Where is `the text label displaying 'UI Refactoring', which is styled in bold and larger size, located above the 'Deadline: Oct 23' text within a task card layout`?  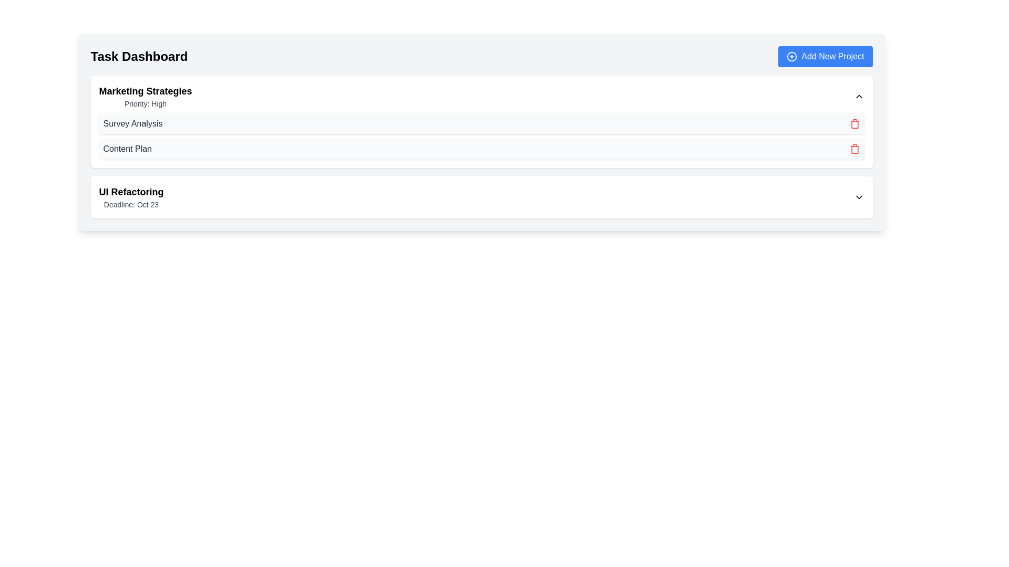 the text label displaying 'UI Refactoring', which is styled in bold and larger size, located above the 'Deadline: Oct 23' text within a task card layout is located at coordinates (130, 192).